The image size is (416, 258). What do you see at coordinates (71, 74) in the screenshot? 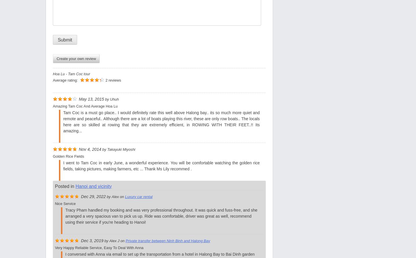
I see `'Hoa Lu - Tam Coc tour'` at bounding box center [71, 74].